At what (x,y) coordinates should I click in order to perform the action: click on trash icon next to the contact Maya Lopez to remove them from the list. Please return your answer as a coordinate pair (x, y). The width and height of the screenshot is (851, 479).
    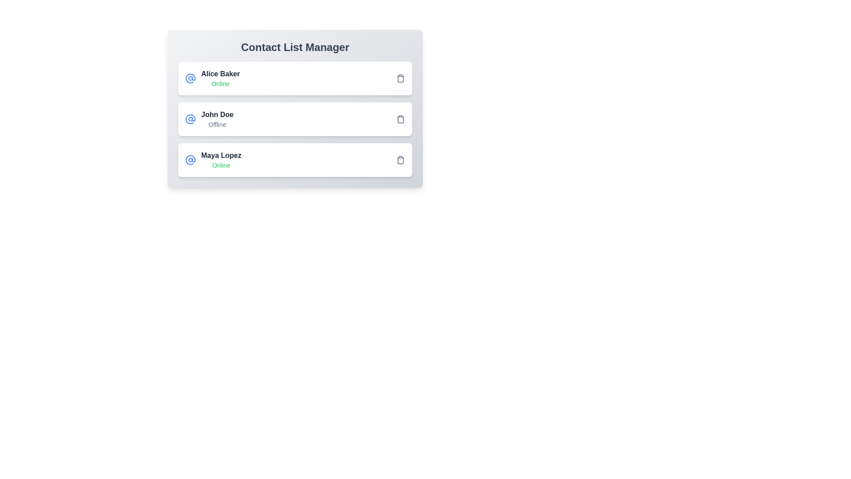
    Looking at the image, I should click on (400, 160).